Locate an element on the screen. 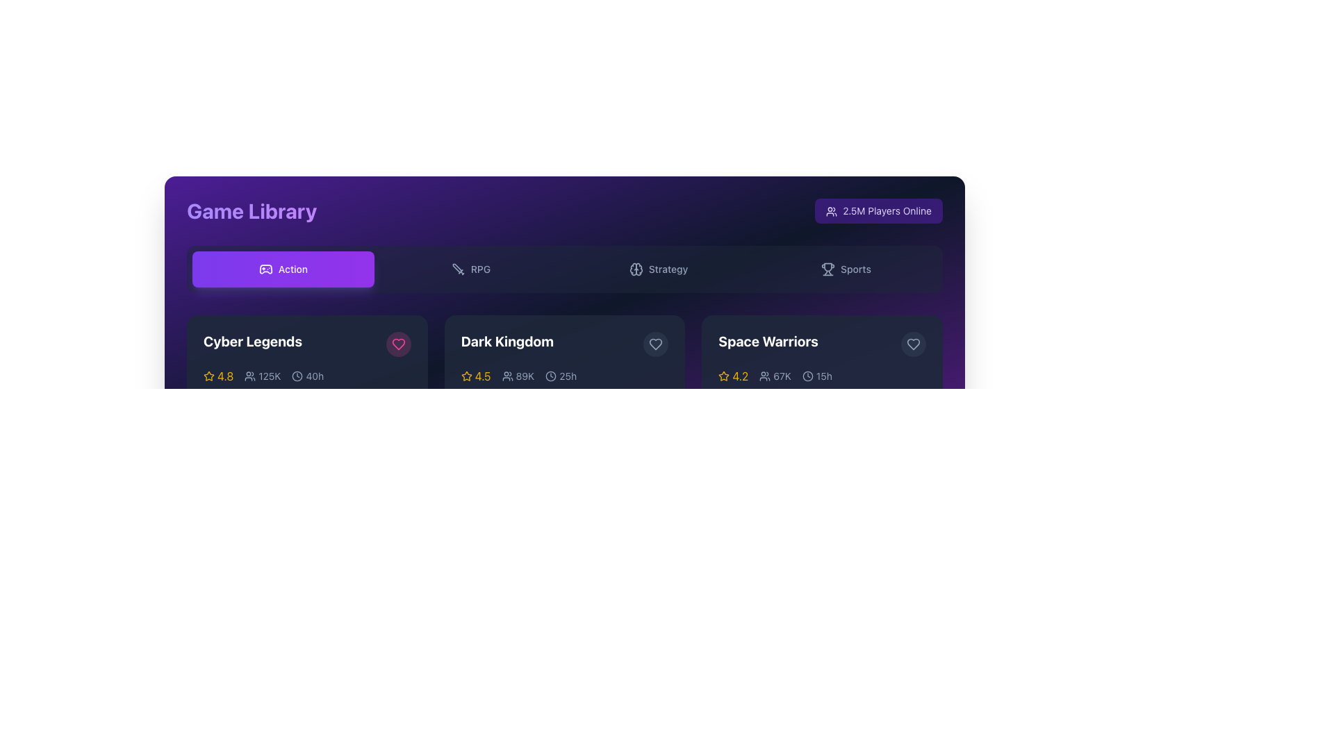 Image resolution: width=1334 pixels, height=750 pixels. the leftmost Text element that serves as a title or label for the associated item in the horizontally-aligned row of similar elements is located at coordinates (507, 342).